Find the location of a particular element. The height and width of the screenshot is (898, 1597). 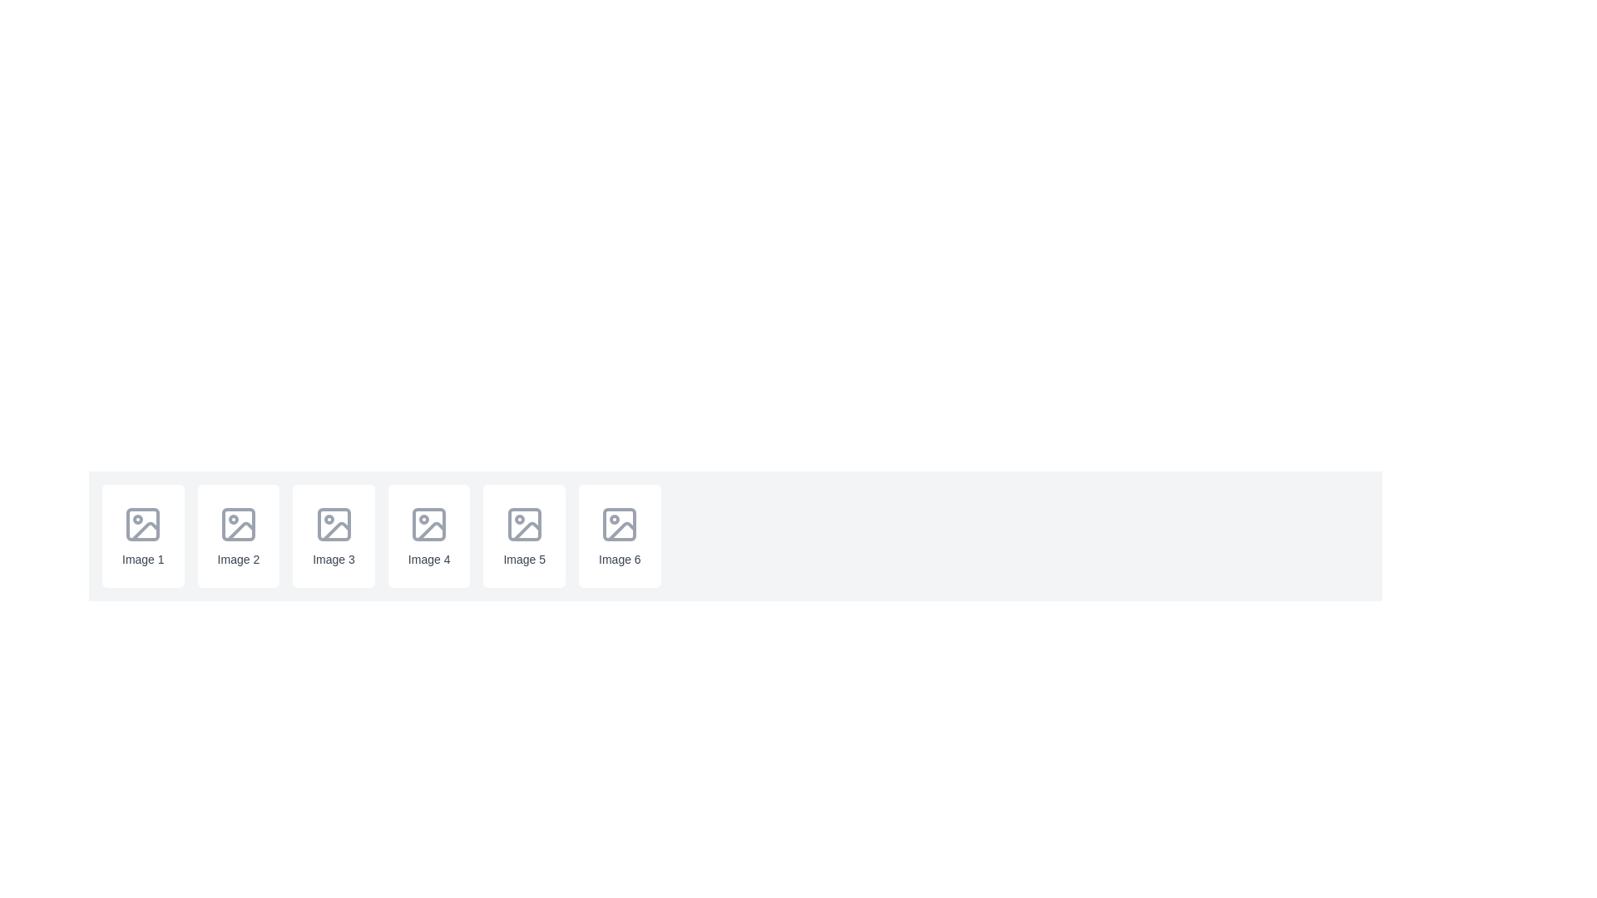

the interactive card labeled 'Image 2' which features a gray photo icon and is the second item in a grid of six elements is located at coordinates (237, 535).